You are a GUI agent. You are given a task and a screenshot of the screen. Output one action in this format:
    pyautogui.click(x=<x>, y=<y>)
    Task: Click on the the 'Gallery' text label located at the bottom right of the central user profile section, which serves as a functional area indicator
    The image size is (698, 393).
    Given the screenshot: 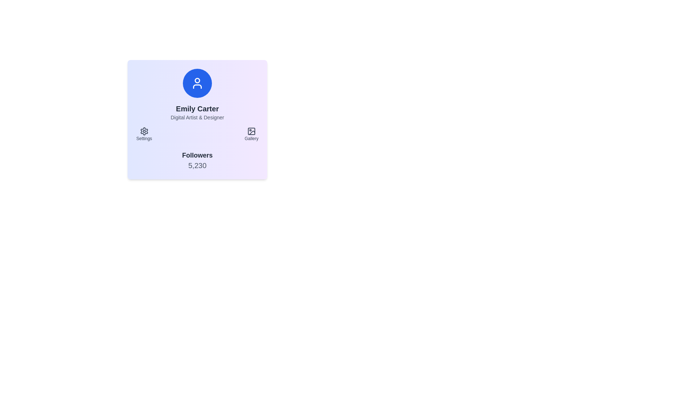 What is the action you would take?
    pyautogui.click(x=251, y=139)
    